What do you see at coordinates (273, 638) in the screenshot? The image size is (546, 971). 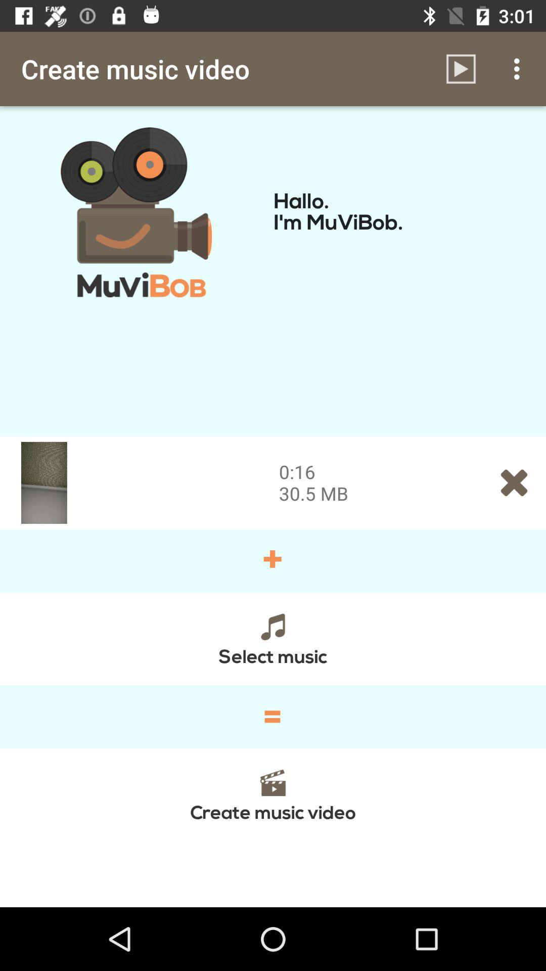 I see `select music` at bounding box center [273, 638].